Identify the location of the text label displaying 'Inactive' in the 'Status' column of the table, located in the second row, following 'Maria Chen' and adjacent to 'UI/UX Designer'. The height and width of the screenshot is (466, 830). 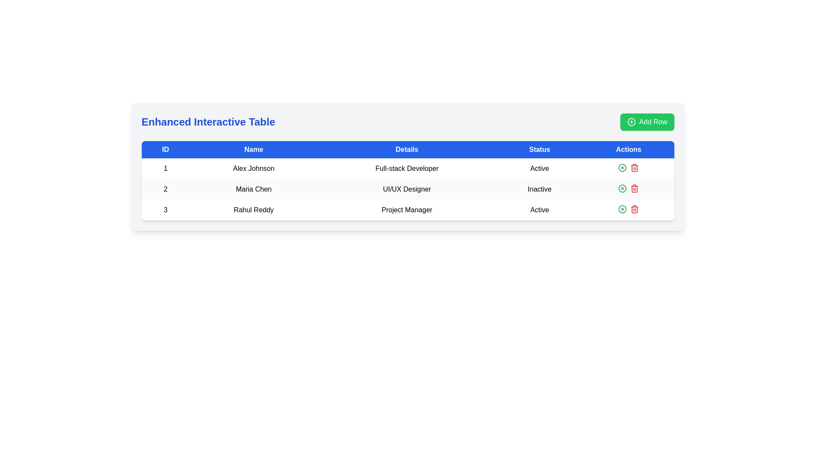
(539, 189).